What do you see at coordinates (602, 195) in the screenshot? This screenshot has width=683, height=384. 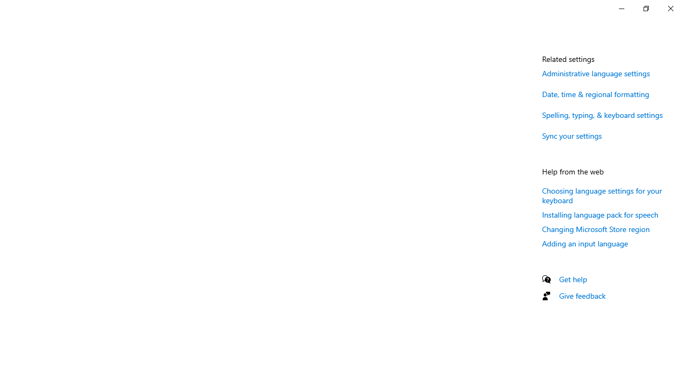 I see `'Choosing language settings for your keyboard'` at bounding box center [602, 195].